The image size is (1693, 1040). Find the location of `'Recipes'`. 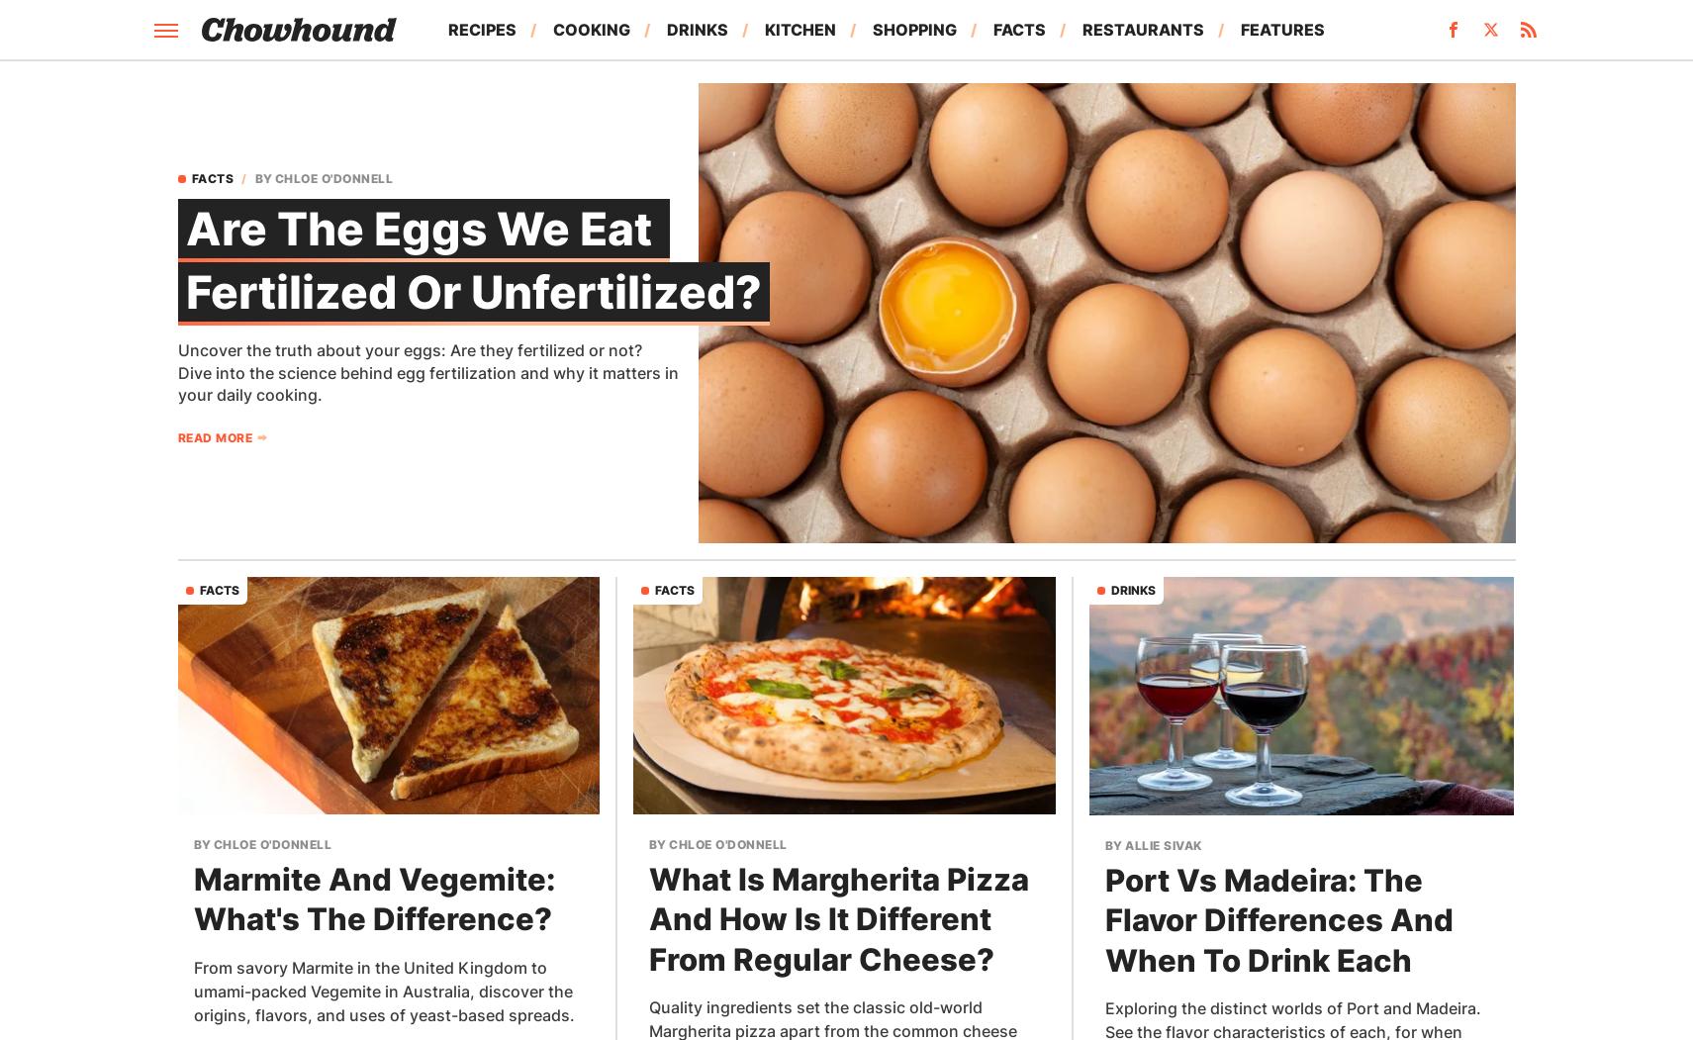

'Recipes' is located at coordinates (481, 29).